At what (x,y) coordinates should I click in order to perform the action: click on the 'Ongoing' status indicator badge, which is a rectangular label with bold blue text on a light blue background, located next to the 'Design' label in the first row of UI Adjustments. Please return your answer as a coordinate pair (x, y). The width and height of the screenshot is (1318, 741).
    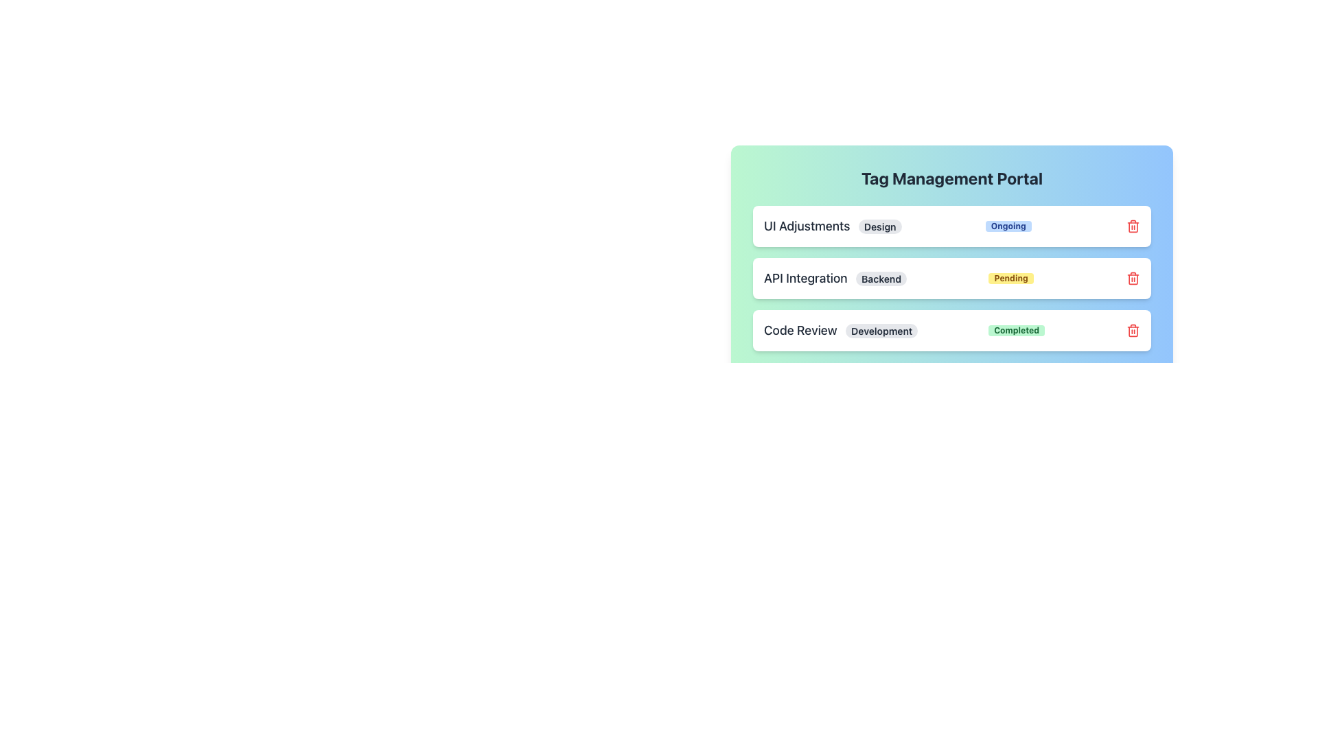
    Looking at the image, I should click on (1008, 226).